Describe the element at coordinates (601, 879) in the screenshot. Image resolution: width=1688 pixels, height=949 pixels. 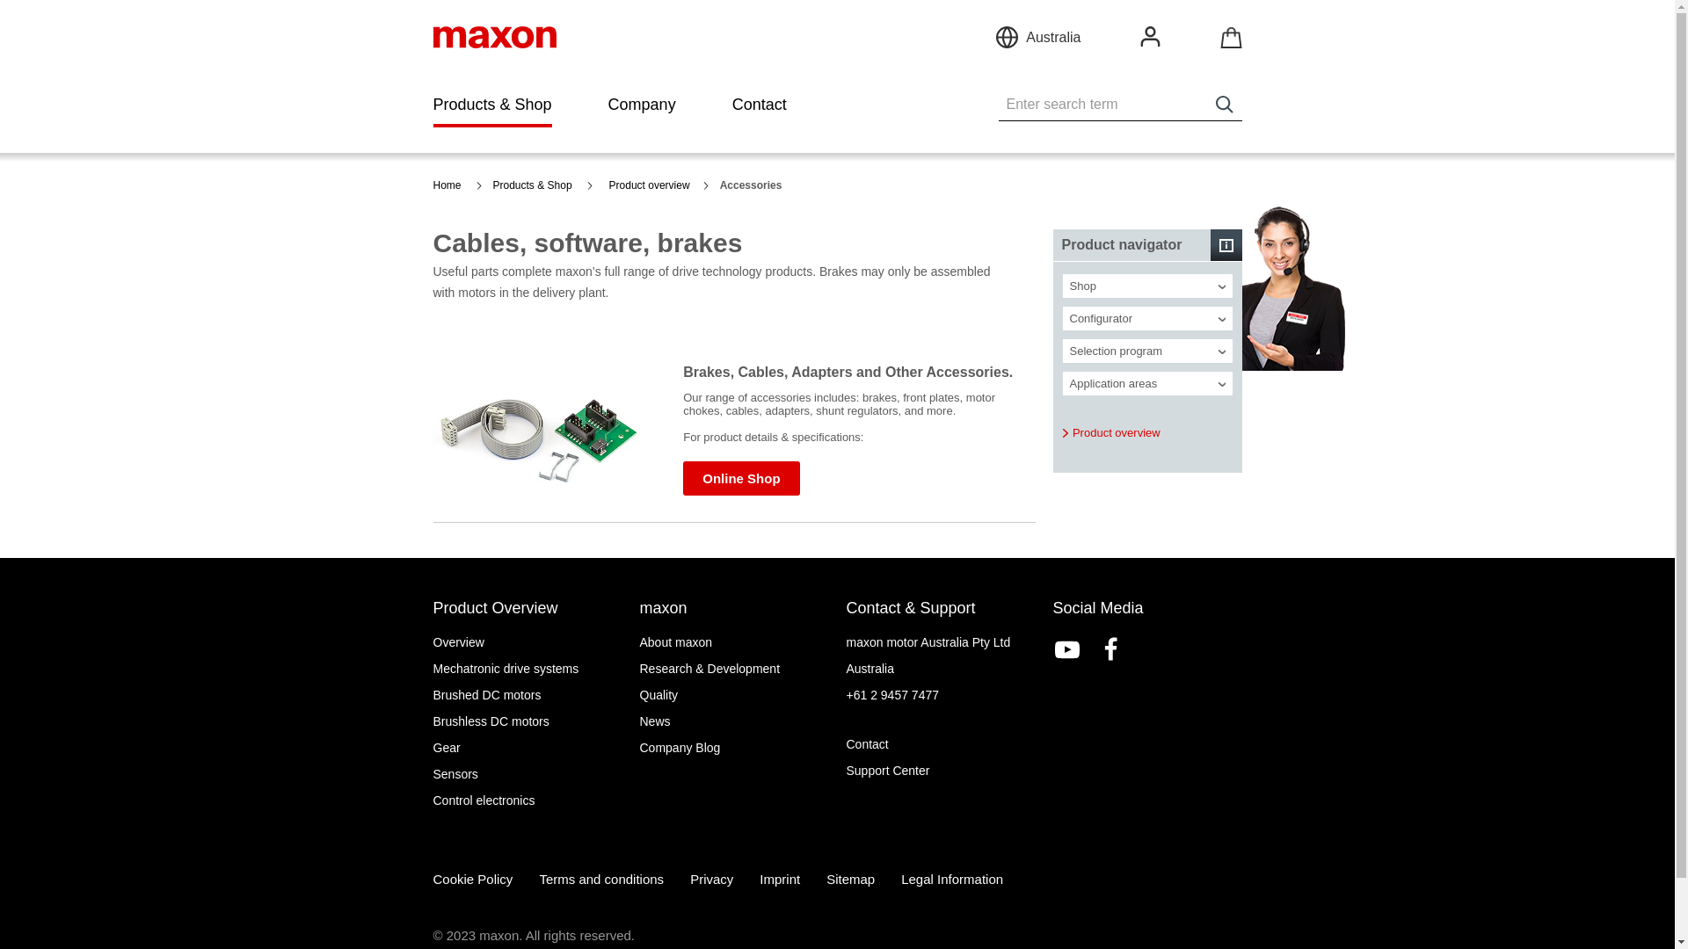
I see `'Terms and conditions'` at that location.